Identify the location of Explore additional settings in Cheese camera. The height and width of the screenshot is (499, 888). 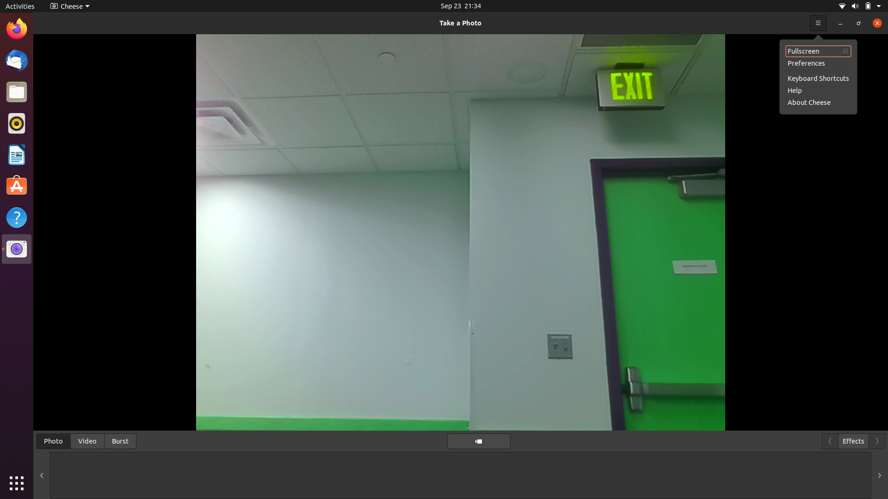
(68, 6).